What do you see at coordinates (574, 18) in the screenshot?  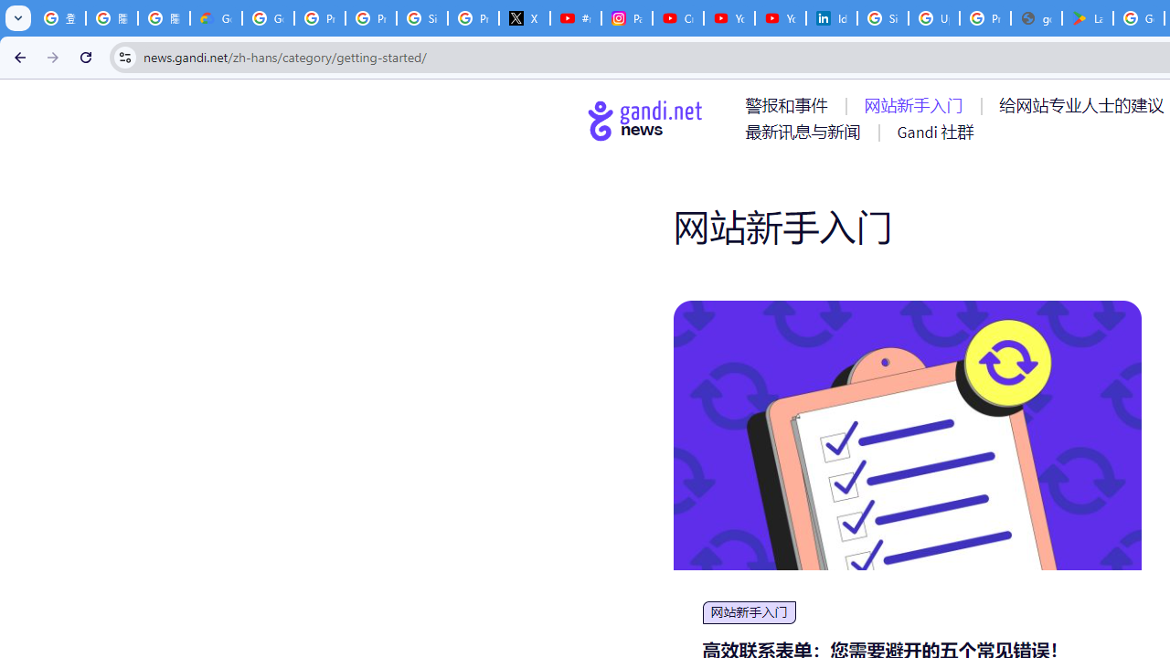 I see `'#nbabasketballhighlights - YouTube'` at bounding box center [574, 18].